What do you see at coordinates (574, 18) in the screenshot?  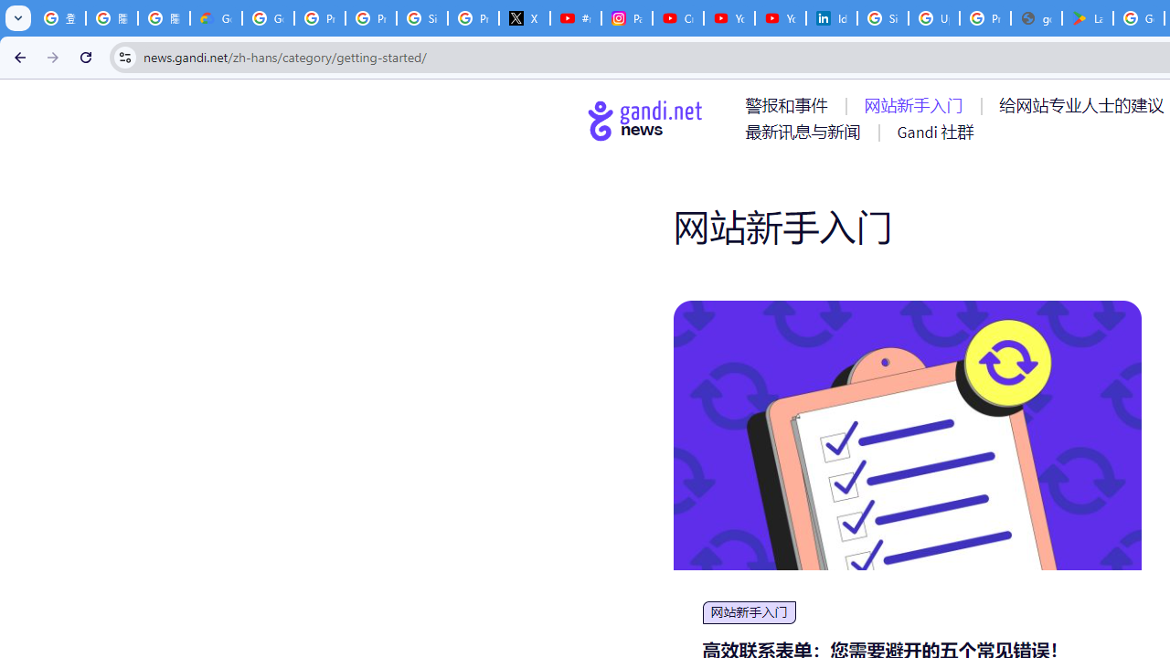 I see `'#nbabasketballhighlights - YouTube'` at bounding box center [574, 18].